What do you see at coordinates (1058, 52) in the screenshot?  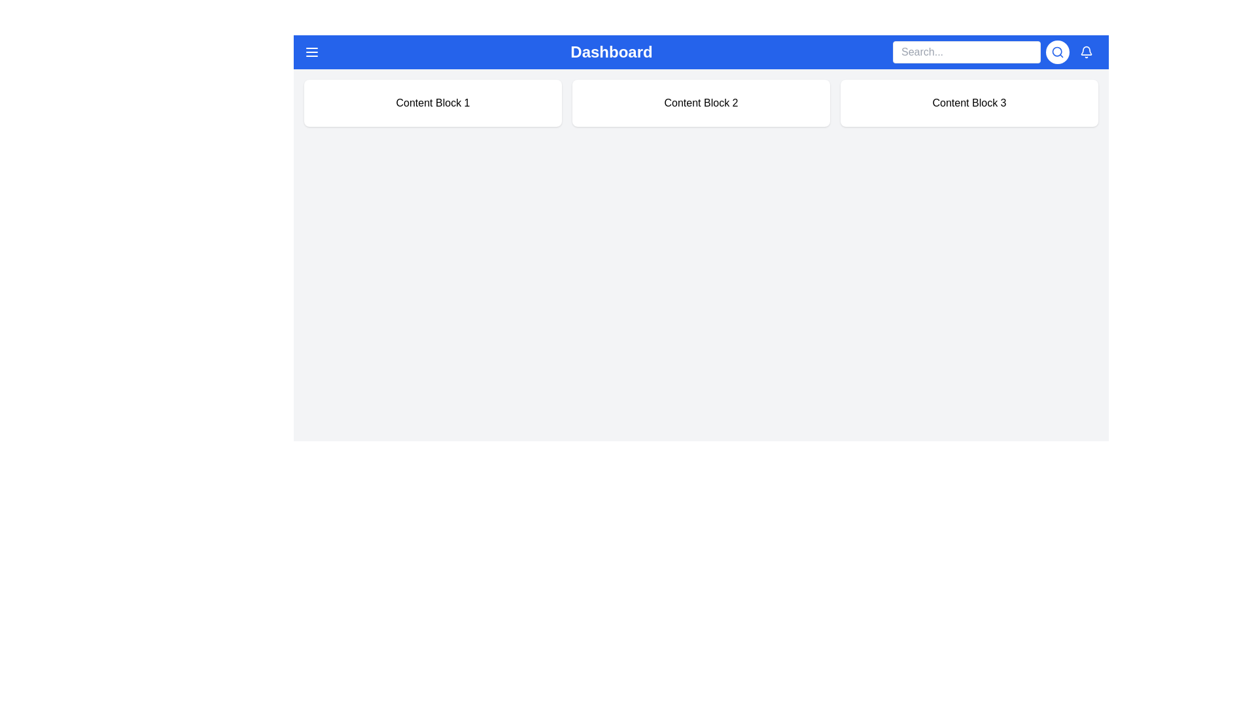 I see `the search Icon Button located at the top right corner of the interface to initiate the search functionality` at bounding box center [1058, 52].